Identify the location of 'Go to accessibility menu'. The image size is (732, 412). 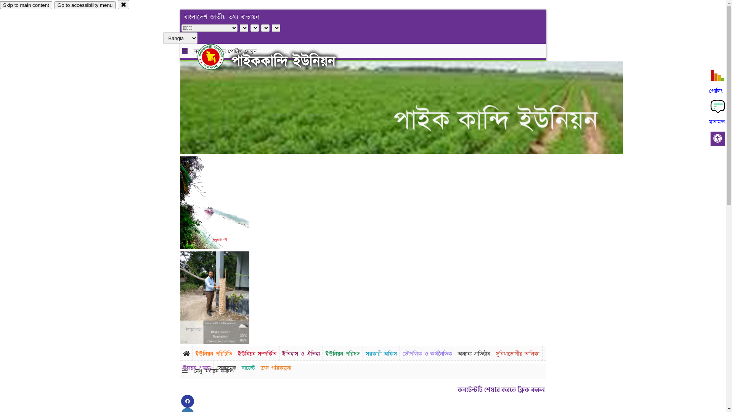
(85, 5).